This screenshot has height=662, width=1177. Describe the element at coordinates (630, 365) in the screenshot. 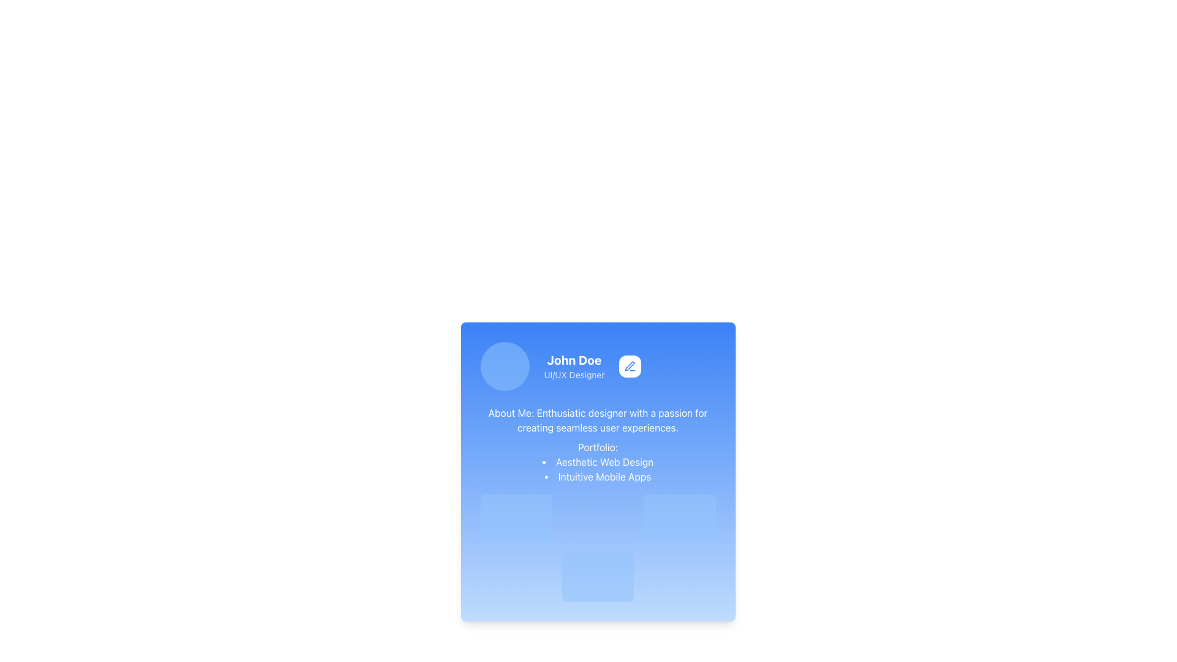

I see `the blue-line pen icon located in the top-right corner of the profile card to initiate an edit action` at that location.